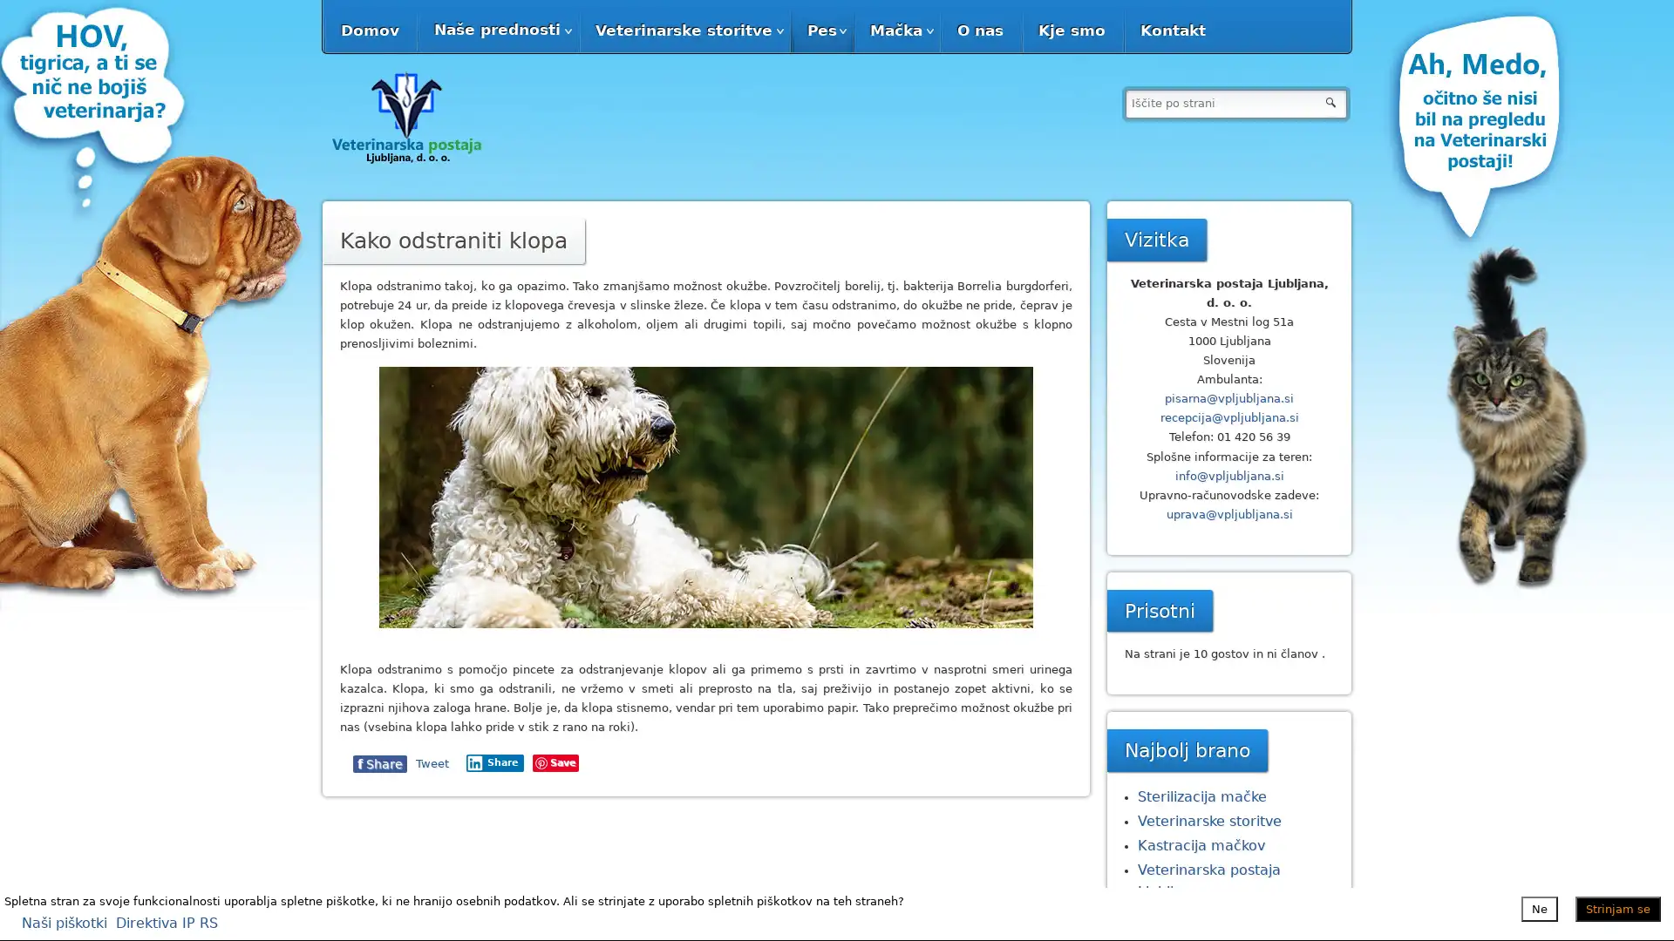 Image resolution: width=1674 pixels, height=941 pixels. Describe the element at coordinates (605, 762) in the screenshot. I see `Share` at that location.